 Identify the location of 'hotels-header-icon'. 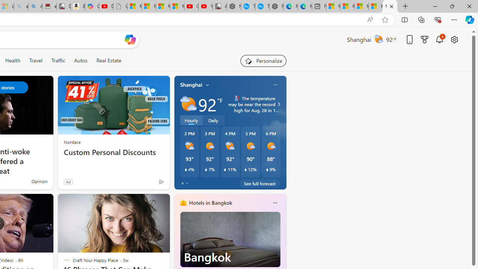
(183, 202).